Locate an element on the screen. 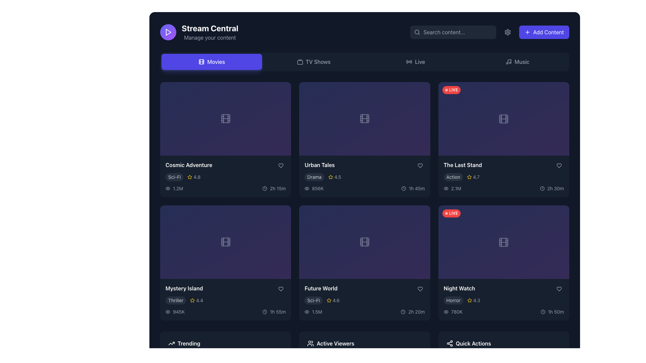 This screenshot has width=646, height=363. the star icon that visually indicates a rating of 4.6, located in the third card on the second row of content in the grid layout next to the numeric text '4.6' under the card labeled 'Future World' is located at coordinates (329, 300).